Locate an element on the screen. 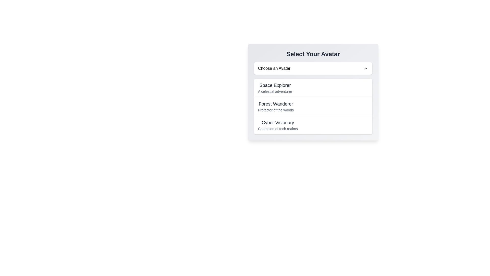 The height and width of the screenshot is (276, 490). the text component displaying 'Champion of tech realms', which is styled in gray and located below the title 'Cyber Visionary' is located at coordinates (277, 129).